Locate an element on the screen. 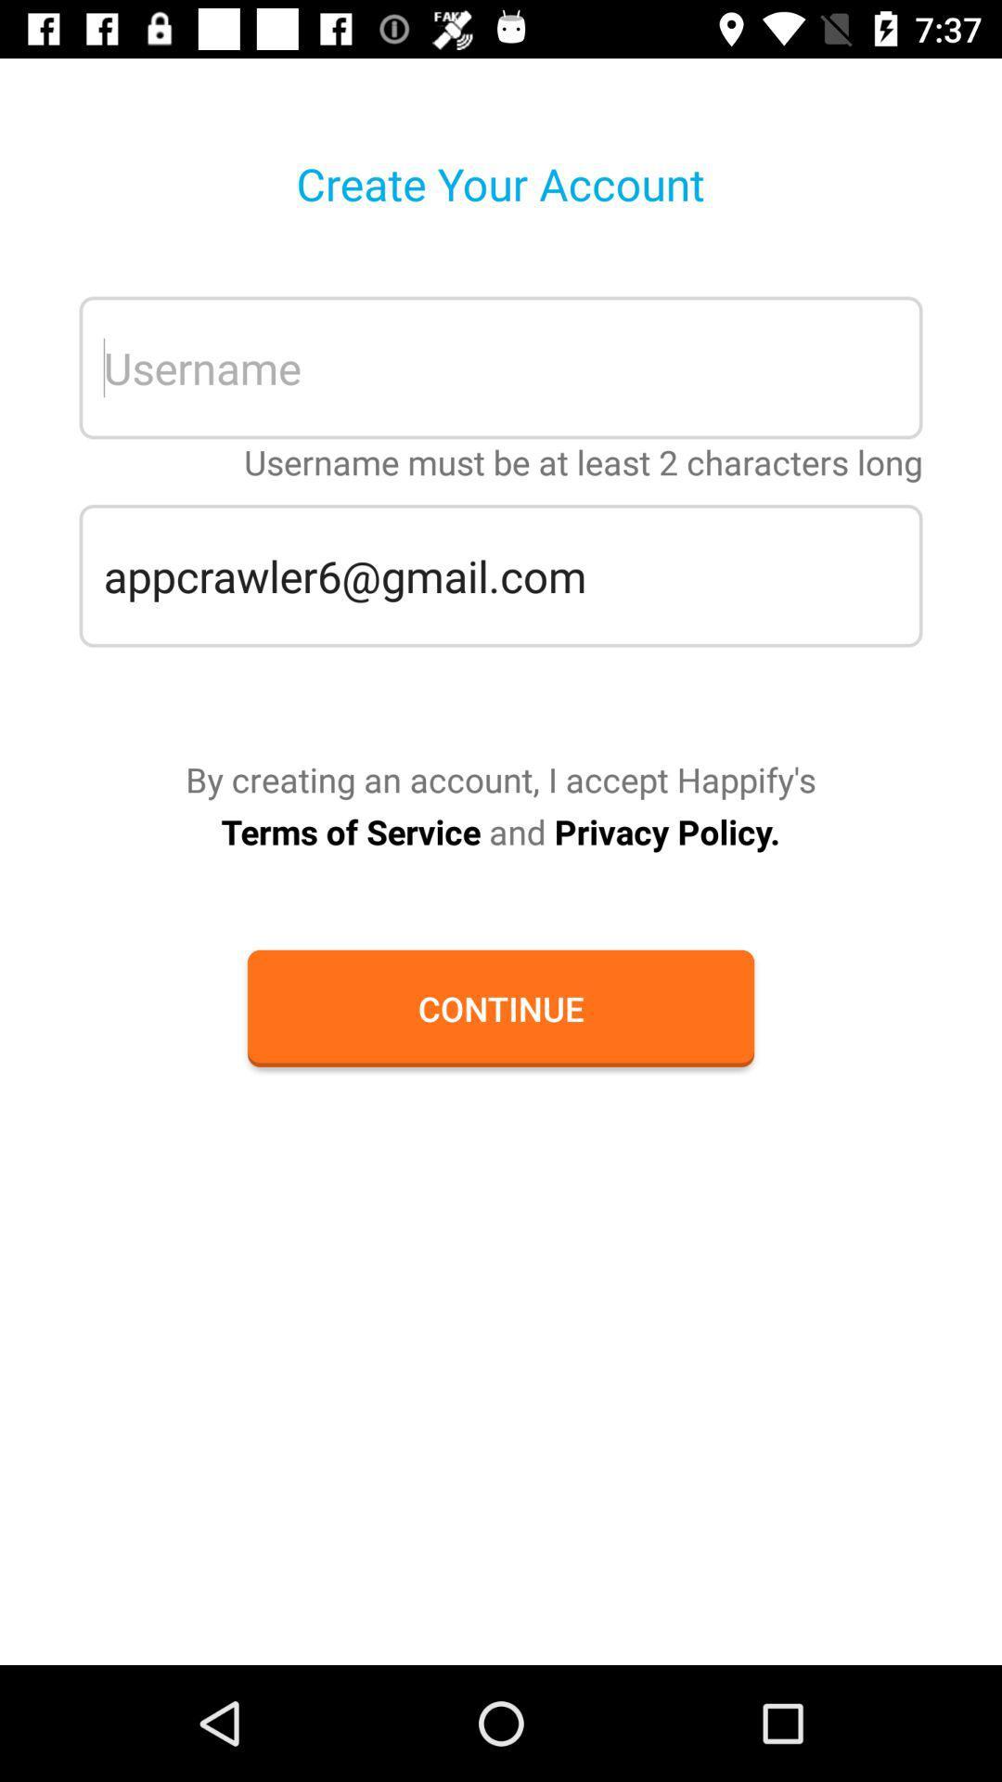 The height and width of the screenshot is (1782, 1002). fill username is located at coordinates (501, 368).